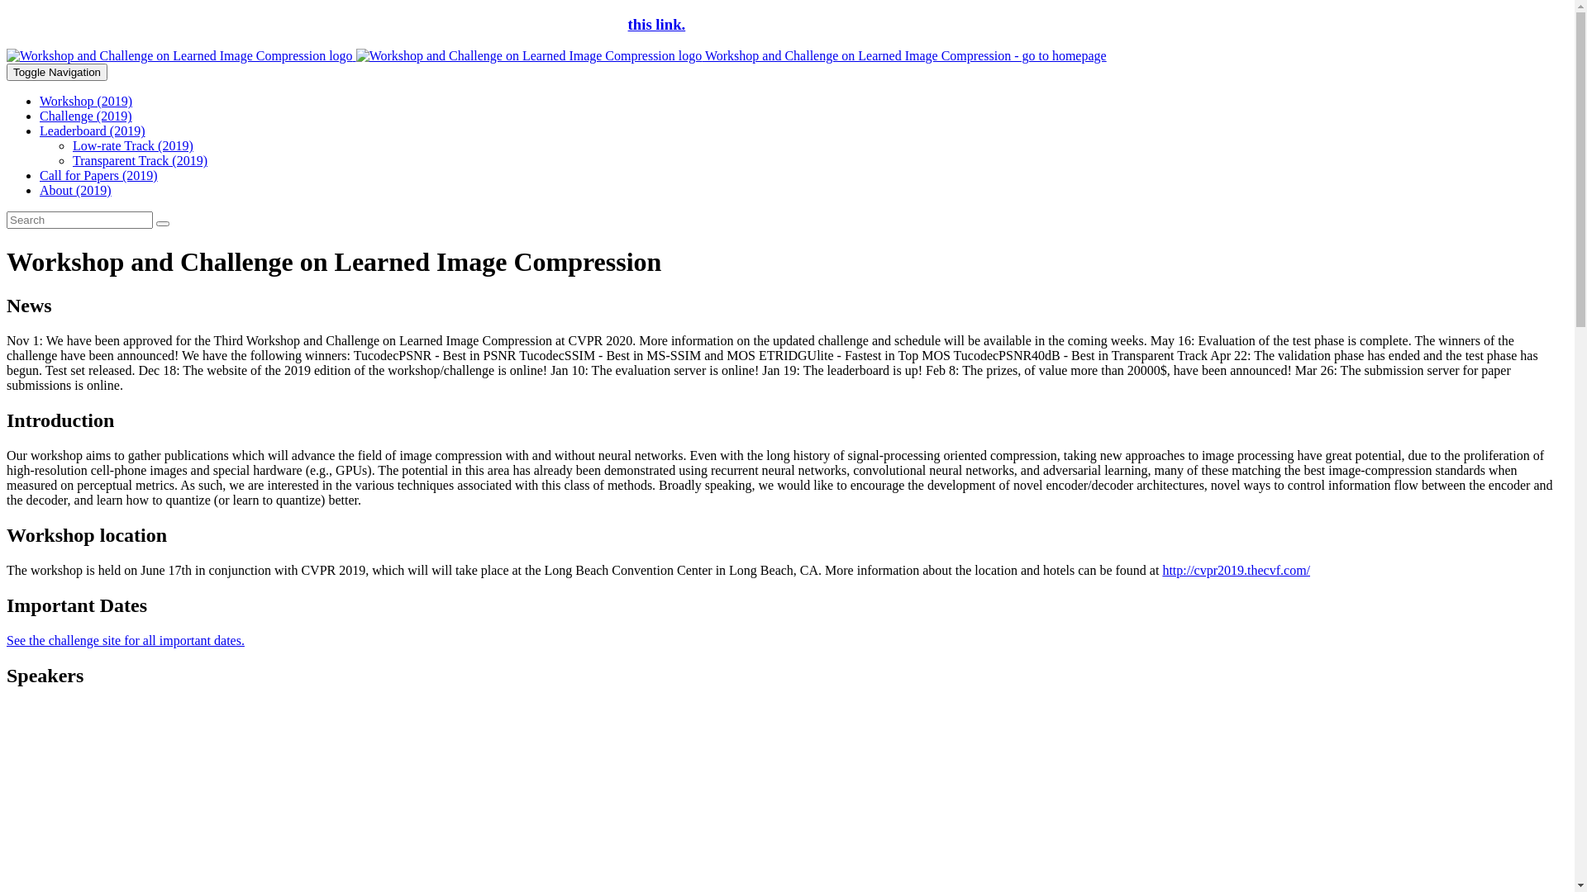 This screenshot has height=892, width=1587. I want to click on 'Challenge (2019)', so click(85, 115).